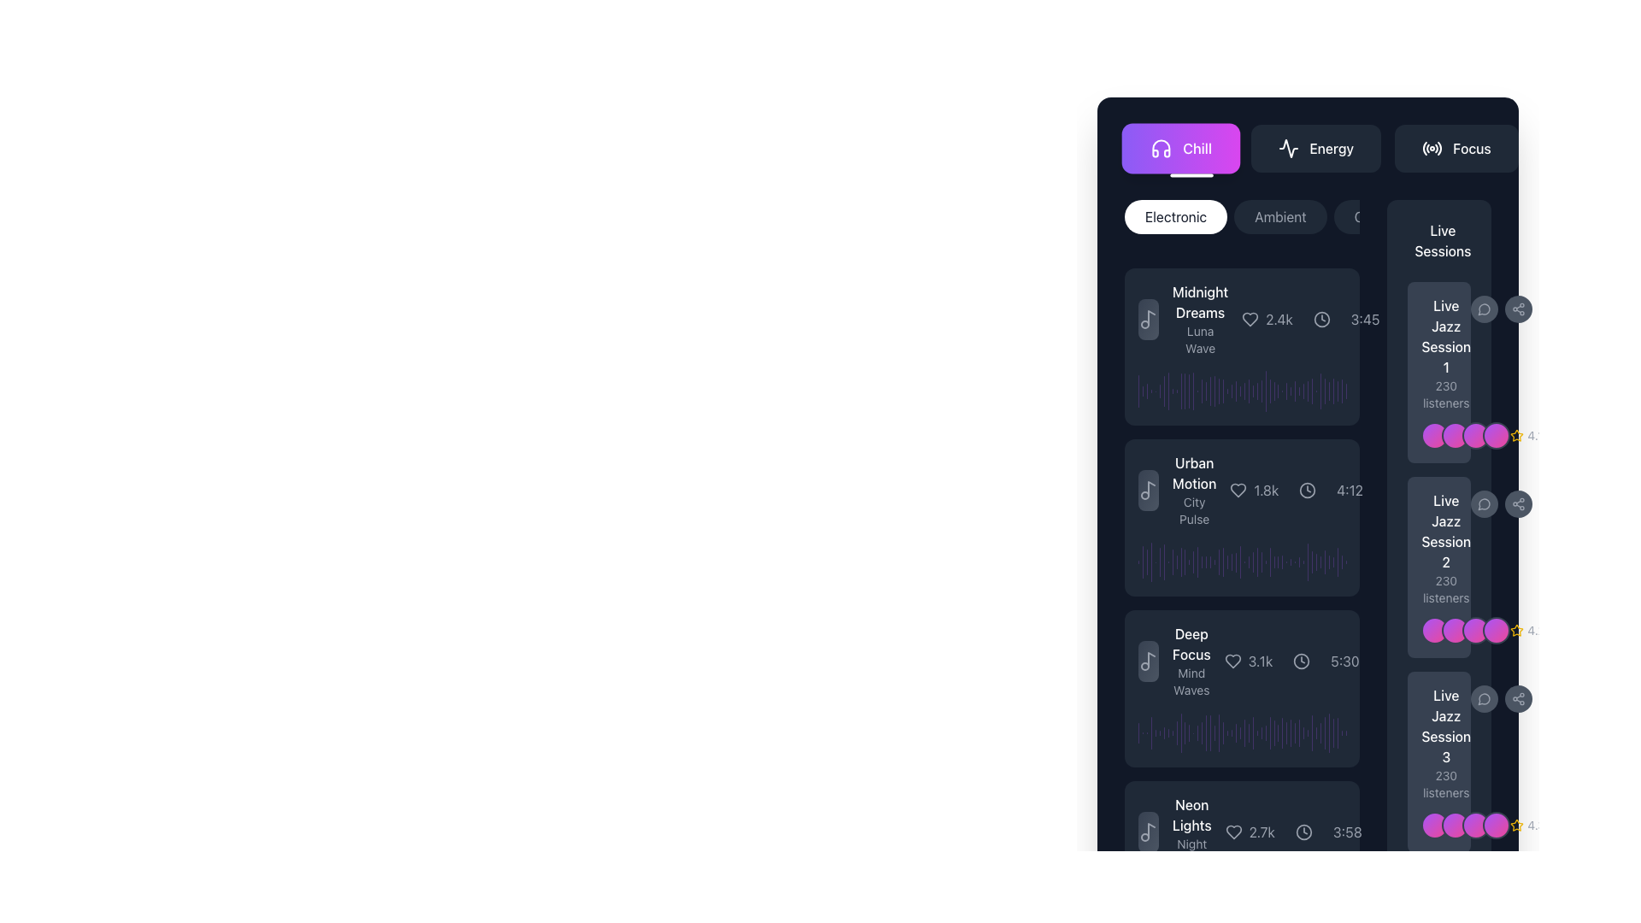 The height and width of the screenshot is (923, 1641). What do you see at coordinates (1201, 732) in the screenshot?
I see `the 16th vertical bar in the bar chart` at bounding box center [1201, 732].